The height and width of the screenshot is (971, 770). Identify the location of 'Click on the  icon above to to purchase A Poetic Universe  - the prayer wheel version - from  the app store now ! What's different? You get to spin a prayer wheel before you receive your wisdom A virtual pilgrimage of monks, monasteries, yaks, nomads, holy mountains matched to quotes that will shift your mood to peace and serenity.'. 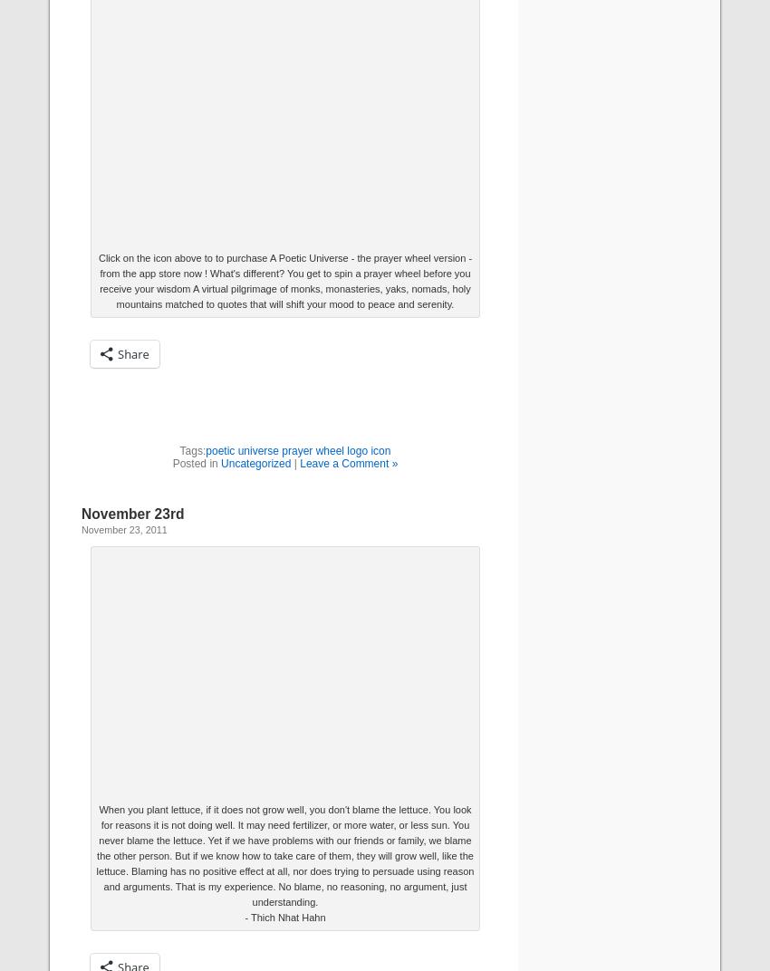
(97, 279).